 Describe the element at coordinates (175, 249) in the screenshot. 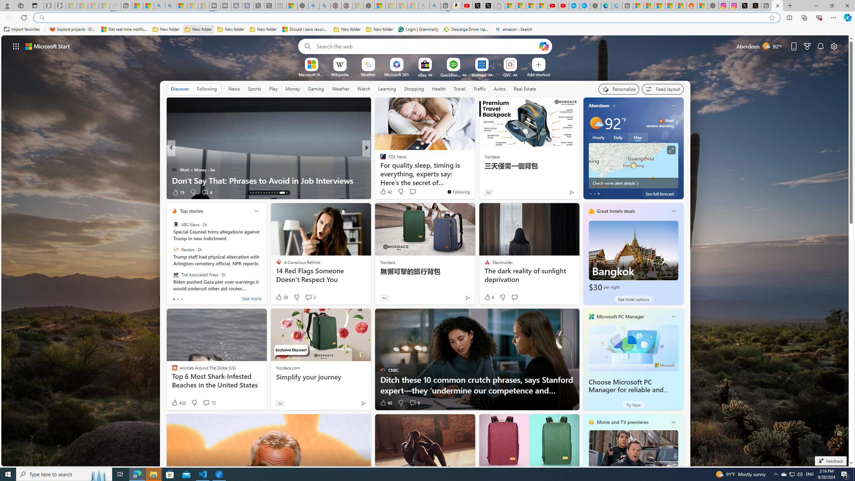

I see `'Reuters'` at that location.